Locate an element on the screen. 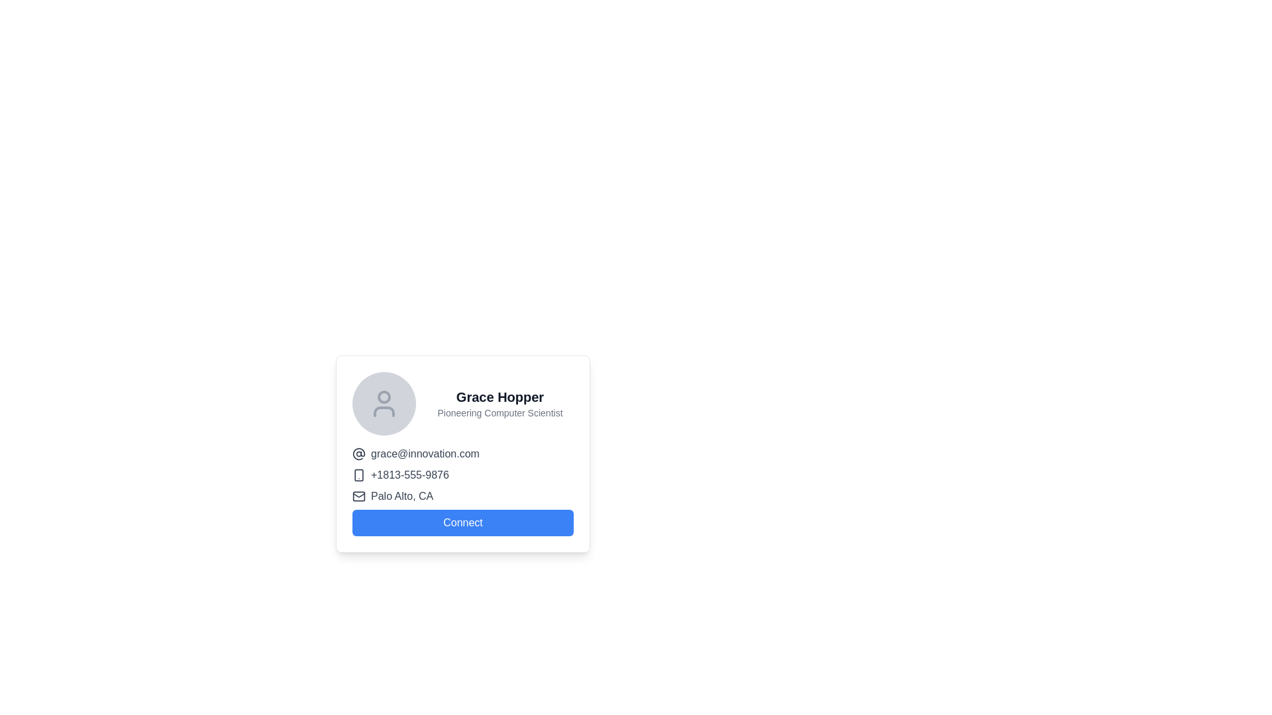  Circular SVG graphical element representing the user's head within the user profile card is located at coordinates (384, 397).